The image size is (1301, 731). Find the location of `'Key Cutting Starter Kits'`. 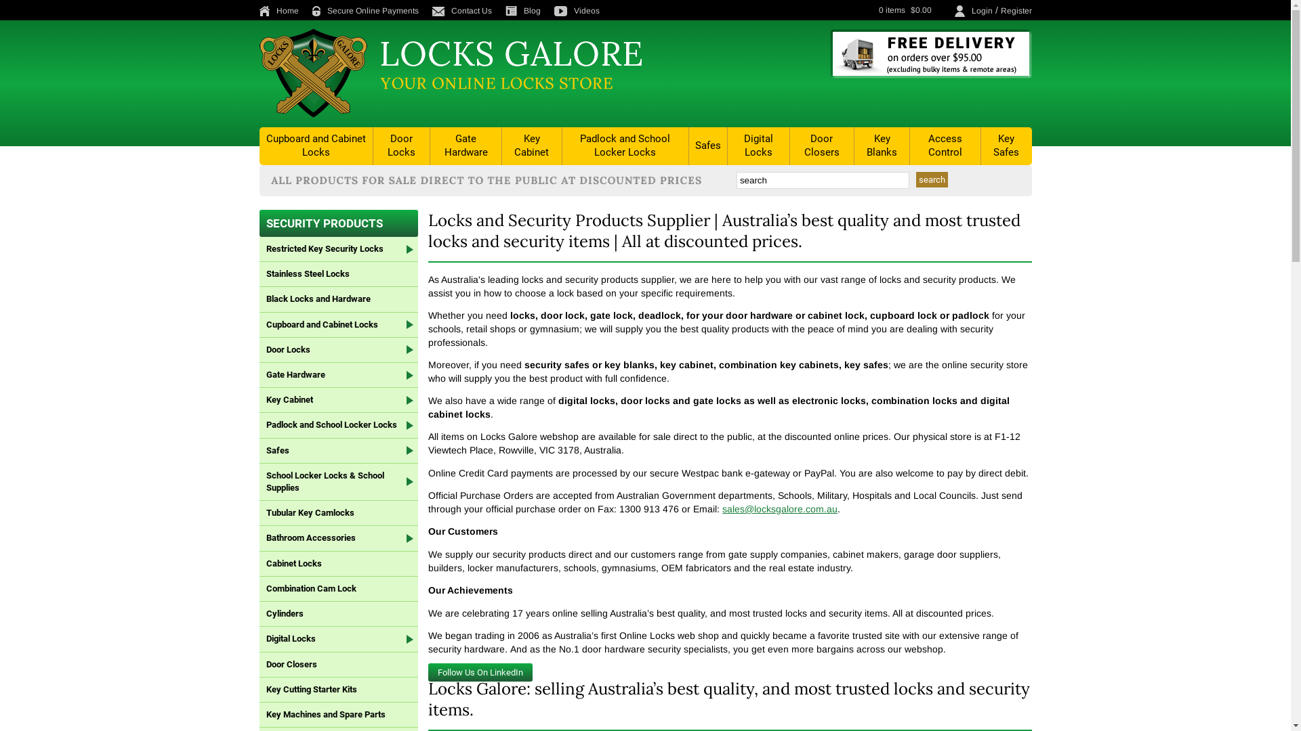

'Key Cutting Starter Kits' is located at coordinates (259, 690).